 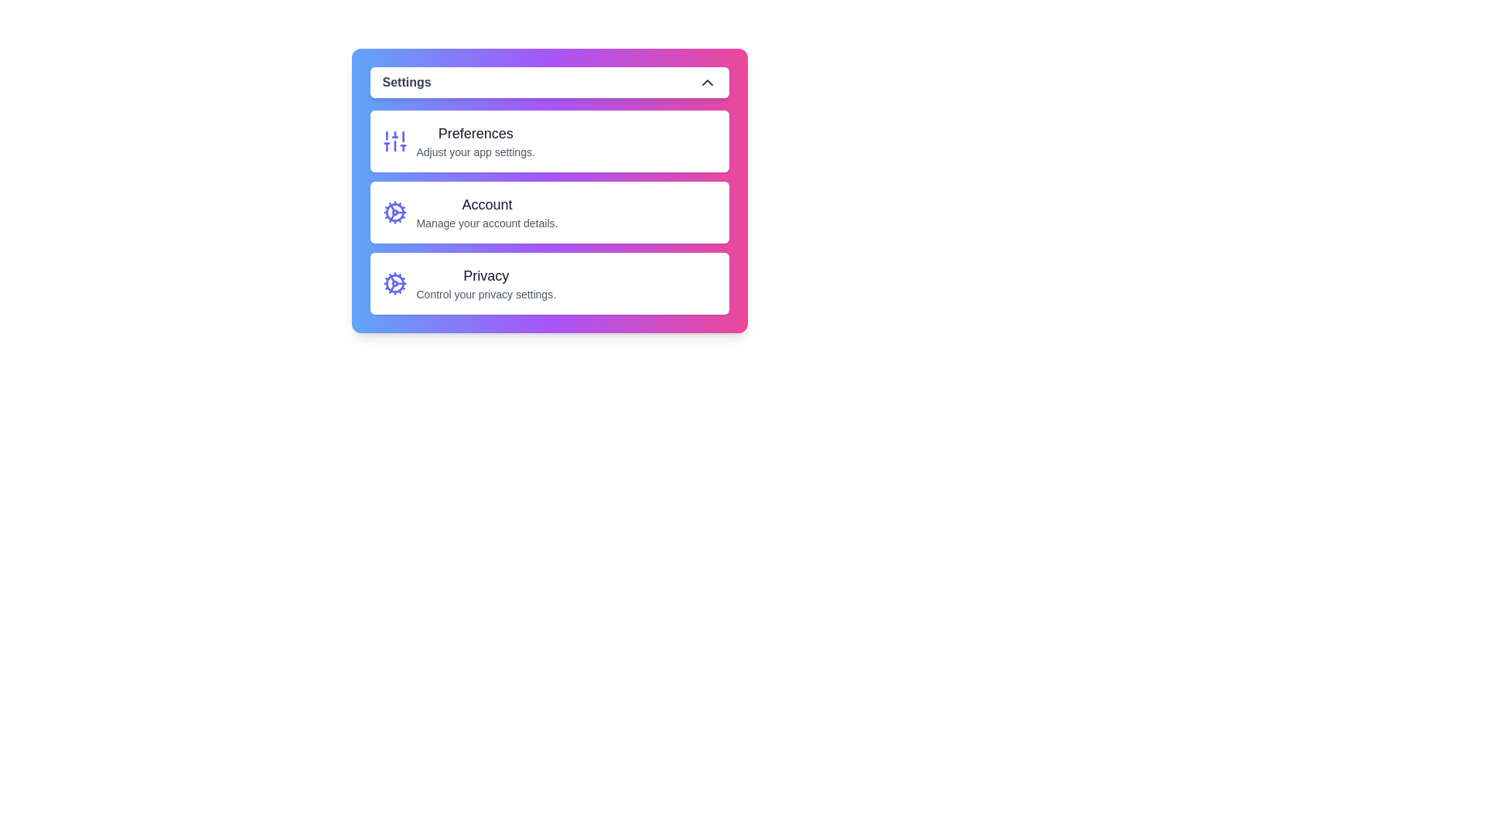 I want to click on the button labeled 'Settings' to toggle the menu's state, so click(x=549, y=83).